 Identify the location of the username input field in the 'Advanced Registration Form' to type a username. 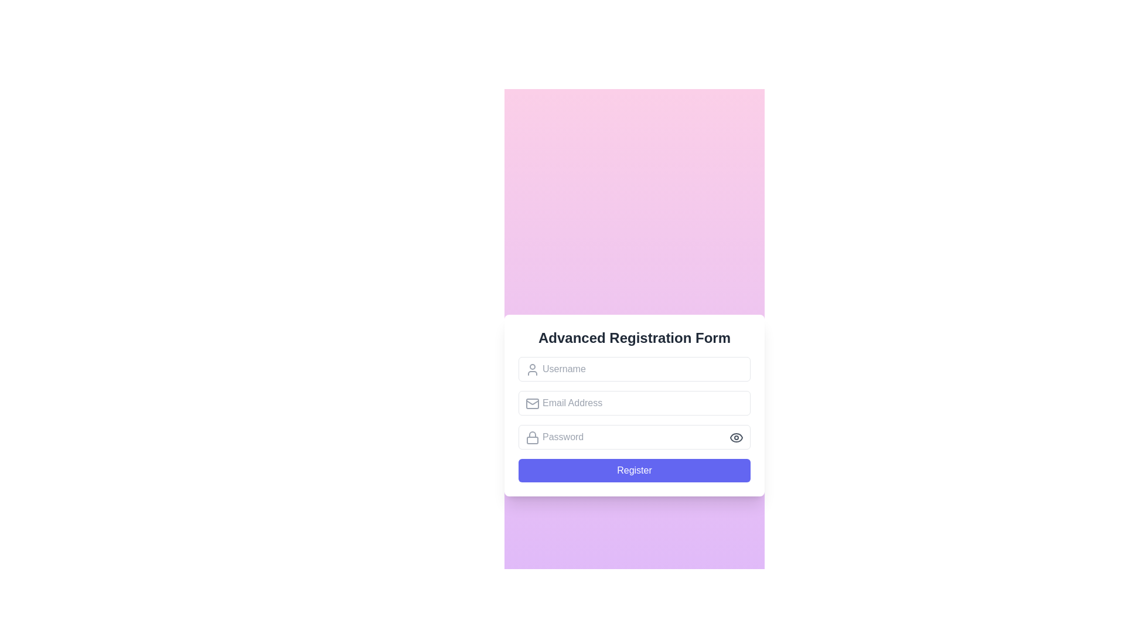
(634, 368).